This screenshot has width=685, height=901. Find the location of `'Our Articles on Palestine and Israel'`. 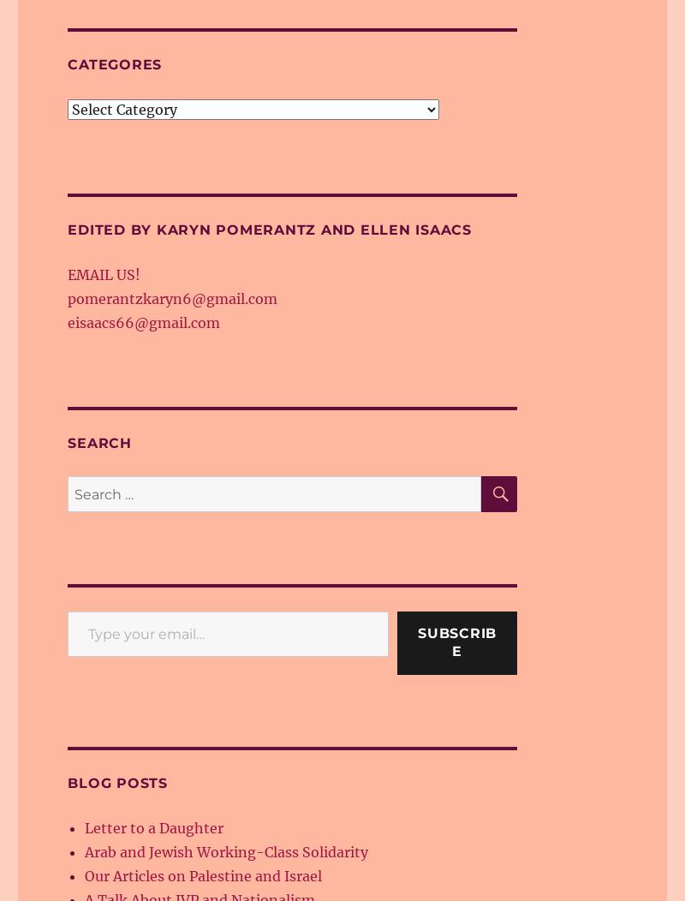

'Our Articles on Palestine and Israel' is located at coordinates (202, 874).